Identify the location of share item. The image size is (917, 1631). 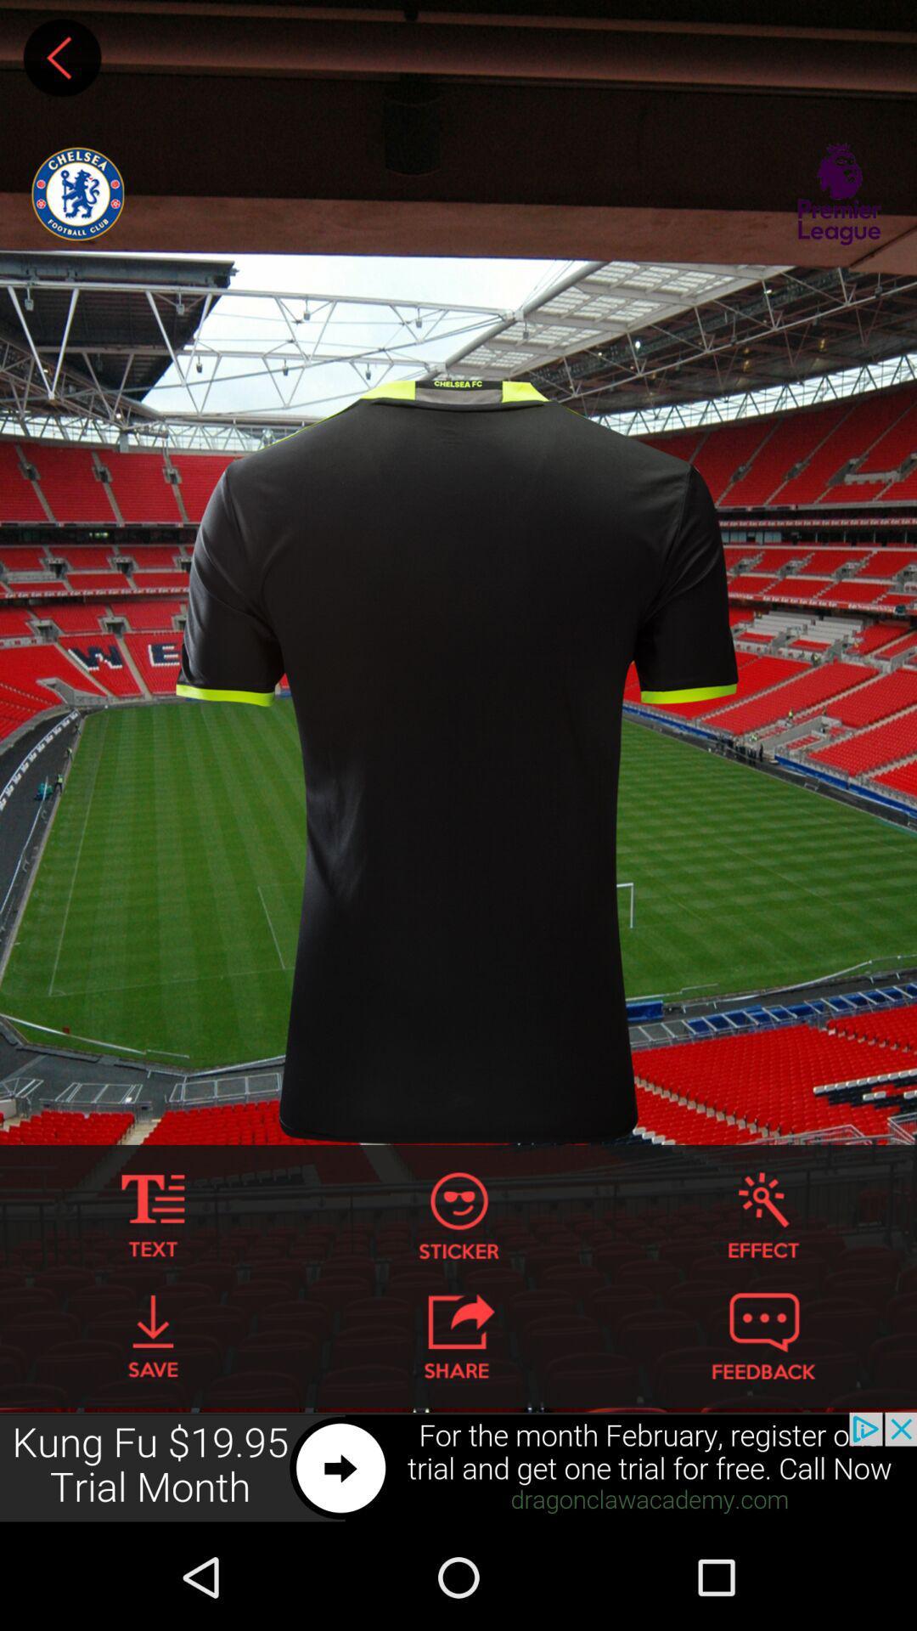
(458, 1335).